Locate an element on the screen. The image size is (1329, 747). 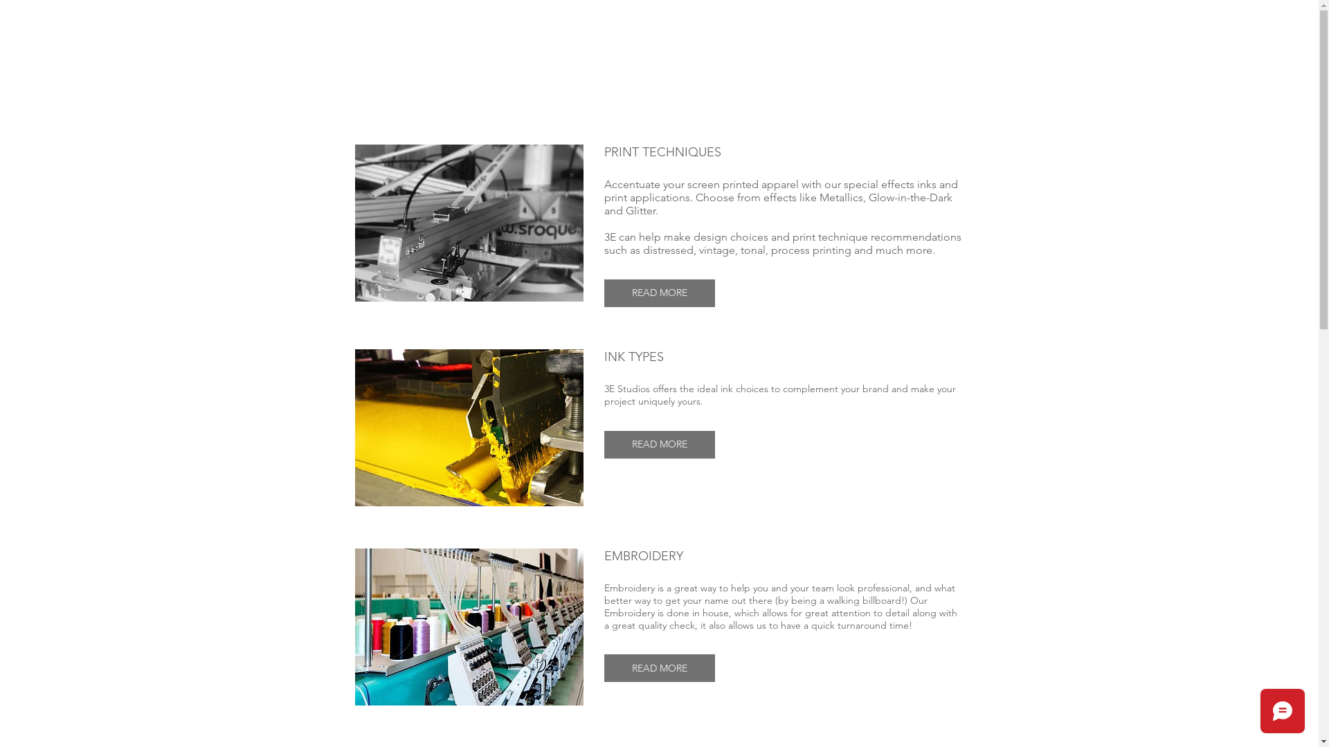
'READ MORE' is located at coordinates (658, 293).